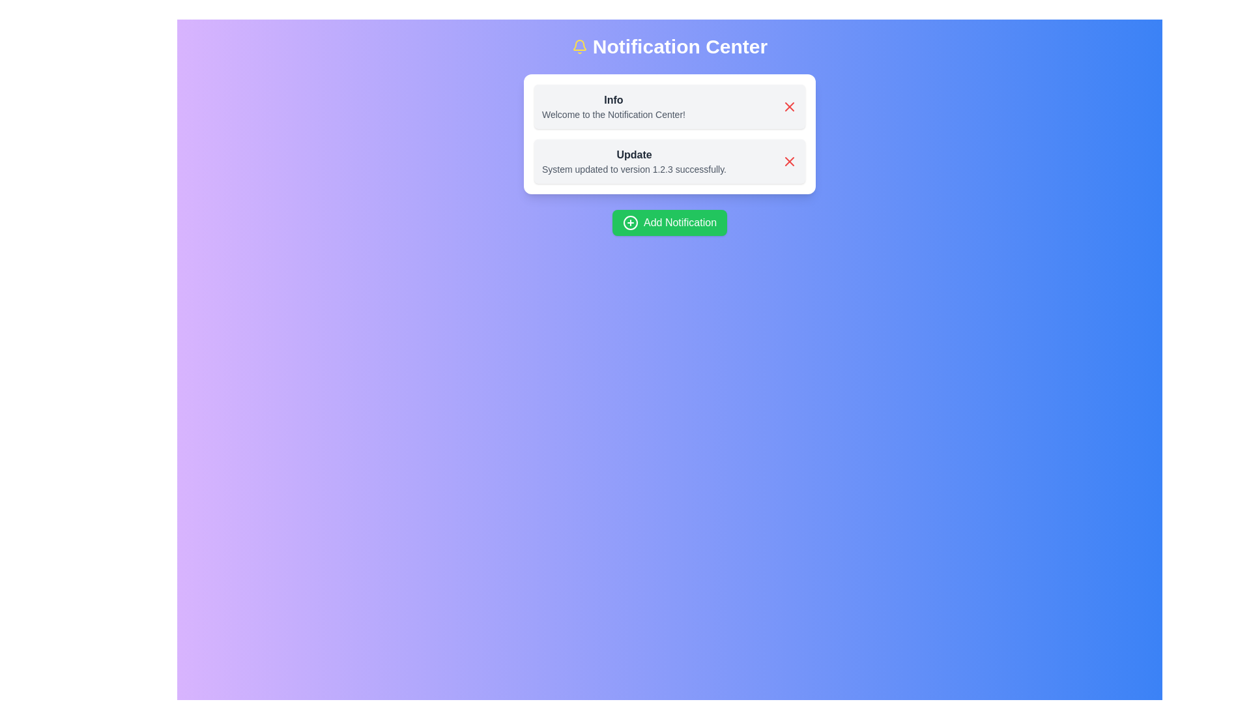 This screenshot has width=1251, height=704. What do you see at coordinates (634, 168) in the screenshot?
I see `the text element that reads 'System updated to version 1.2.3 successfully.' which is styled in a smaller font size and light gray color, located beneath the heading 'Update'` at bounding box center [634, 168].